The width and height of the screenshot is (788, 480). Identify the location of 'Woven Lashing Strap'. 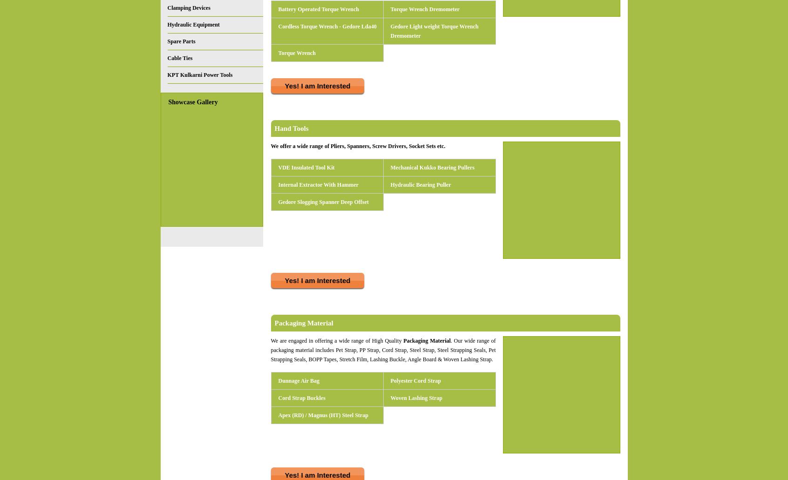
(390, 398).